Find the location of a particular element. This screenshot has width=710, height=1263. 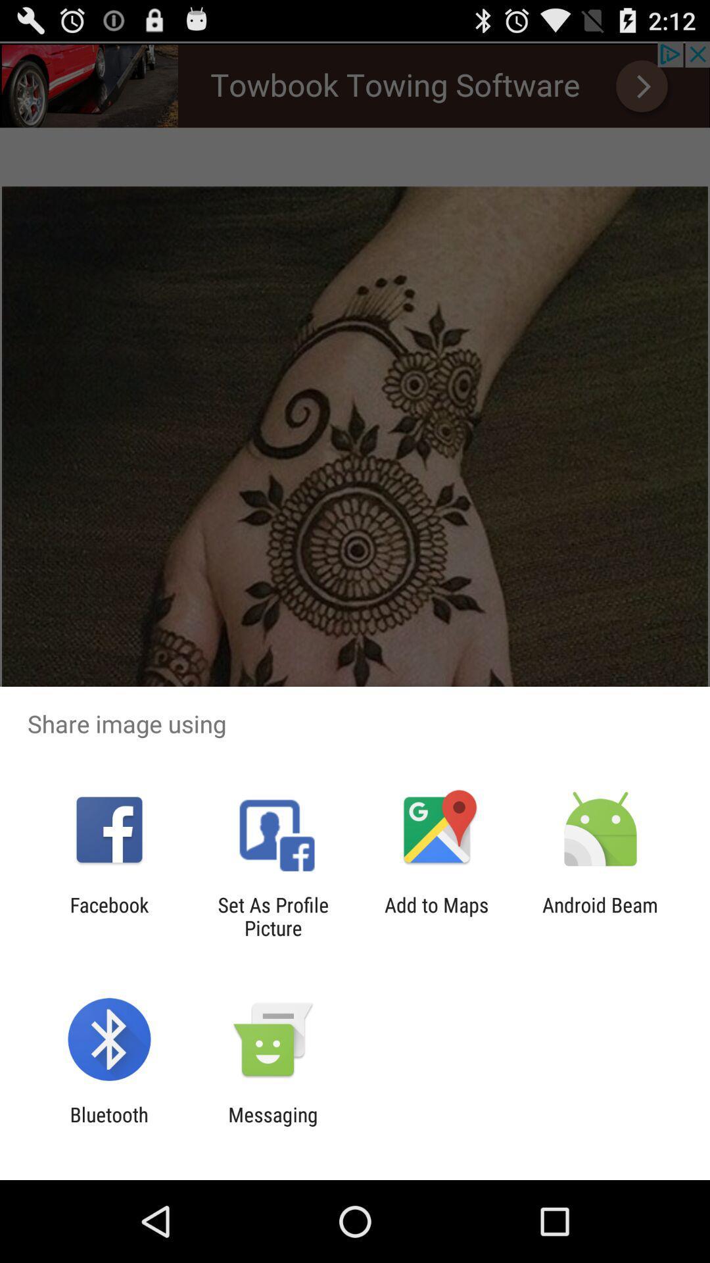

icon to the left of the android beam app is located at coordinates (437, 916).